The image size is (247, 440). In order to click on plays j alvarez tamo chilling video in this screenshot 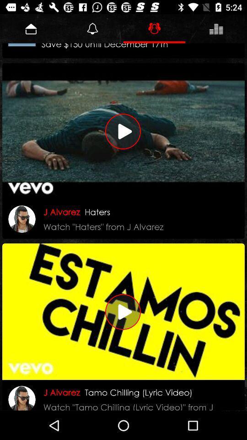, I will do `click(123, 312)`.